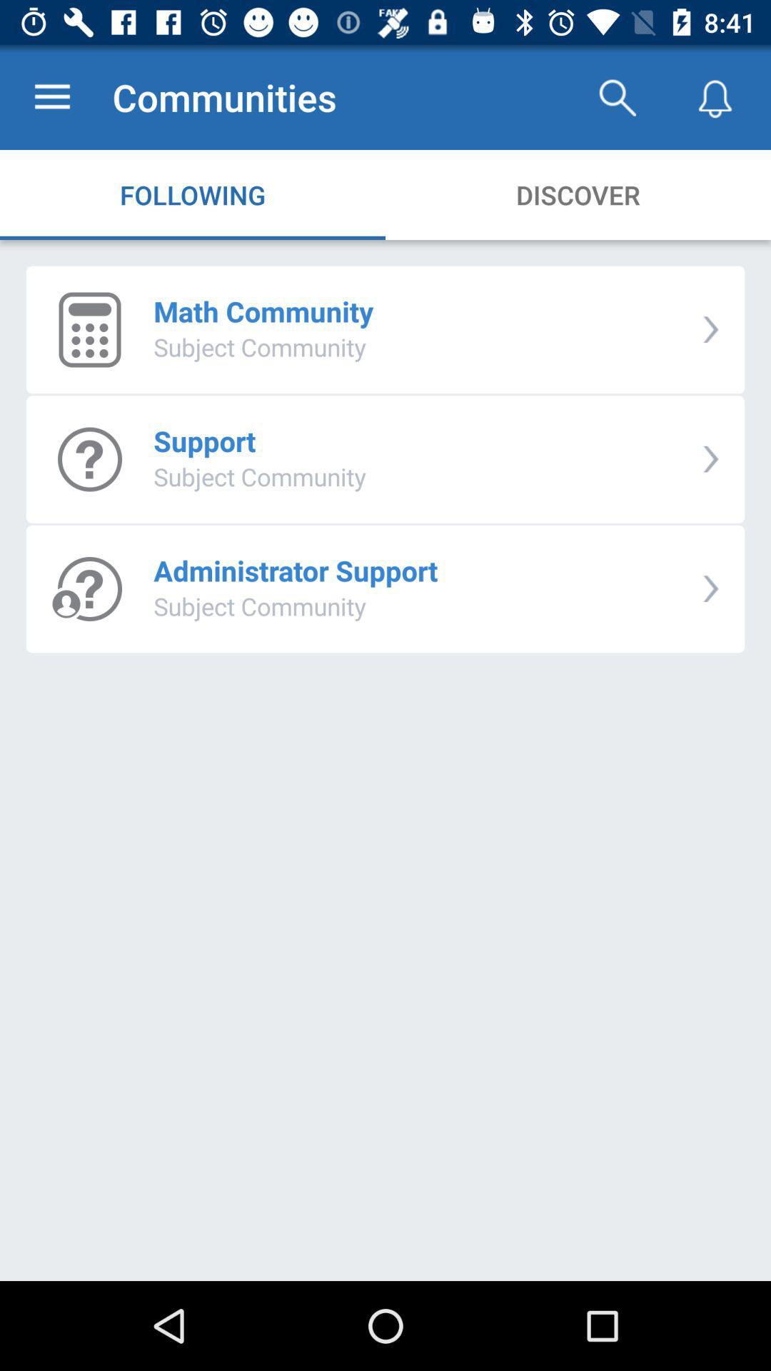 This screenshot has width=771, height=1371. Describe the element at coordinates (51, 96) in the screenshot. I see `the icon to the left of the communities` at that location.